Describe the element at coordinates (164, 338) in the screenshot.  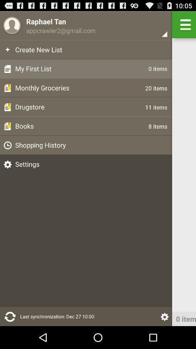
I see `the settings icon` at that location.